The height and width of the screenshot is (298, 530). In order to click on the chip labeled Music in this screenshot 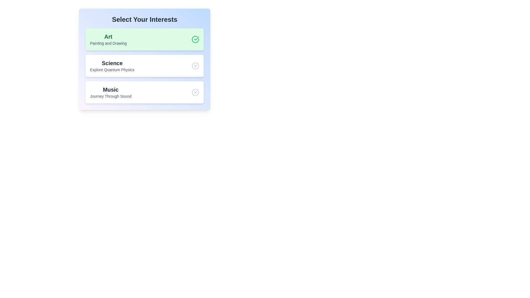, I will do `click(144, 92)`.